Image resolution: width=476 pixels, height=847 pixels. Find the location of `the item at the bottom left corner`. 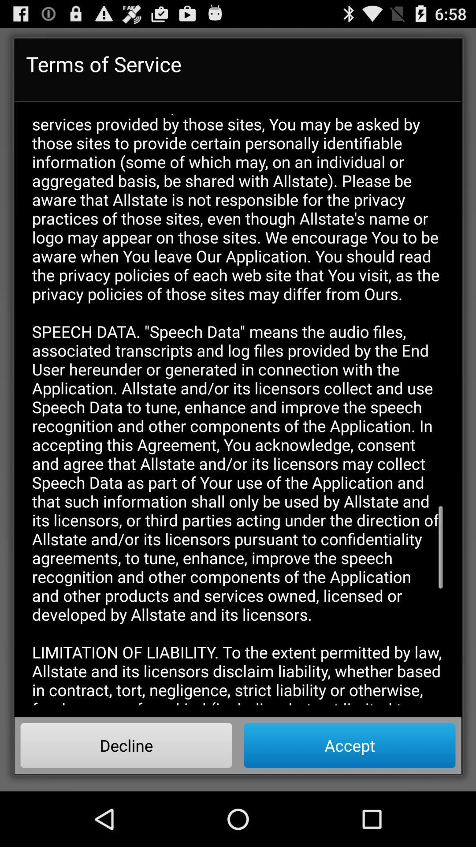

the item at the bottom left corner is located at coordinates (126, 745).